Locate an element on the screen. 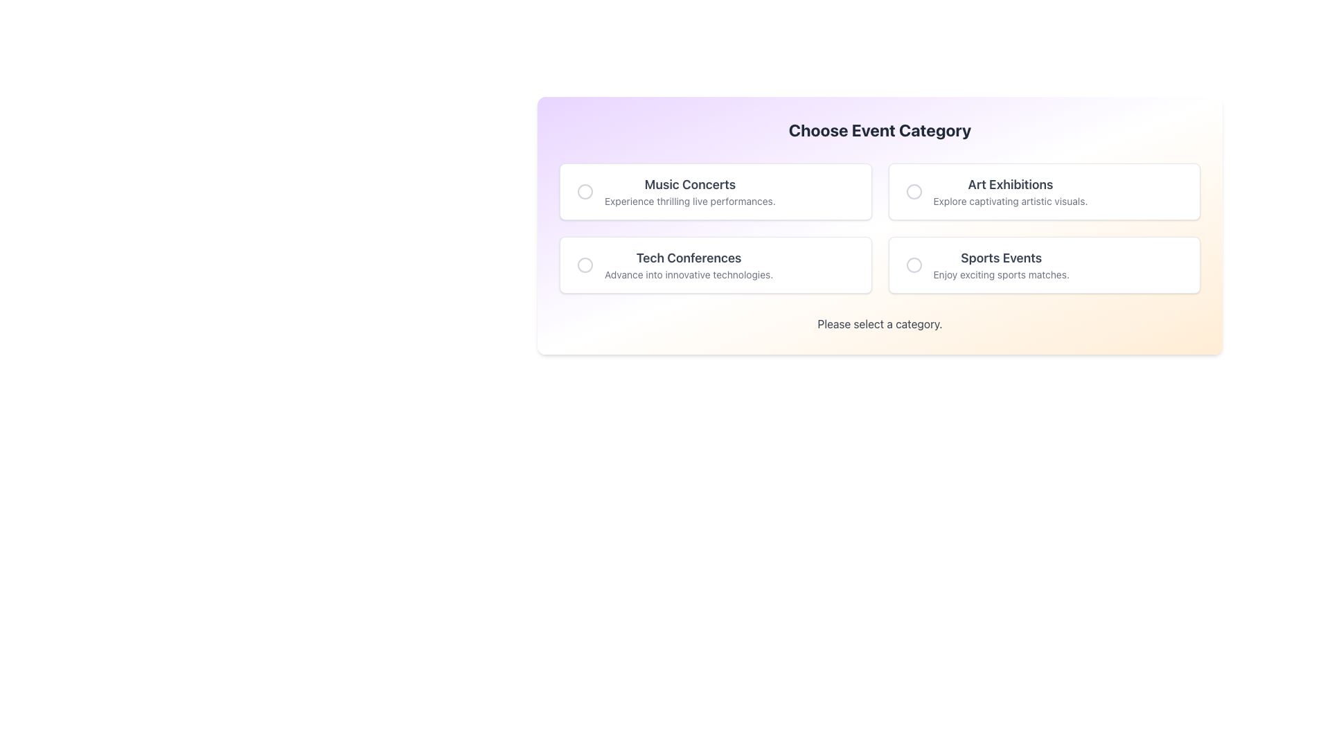 The width and height of the screenshot is (1330, 748). the radio button for the 'Music Concerts' category located to the left of the 'Music Concerts' text in the 'Choose Event Category' selection interface is located at coordinates (585, 192).